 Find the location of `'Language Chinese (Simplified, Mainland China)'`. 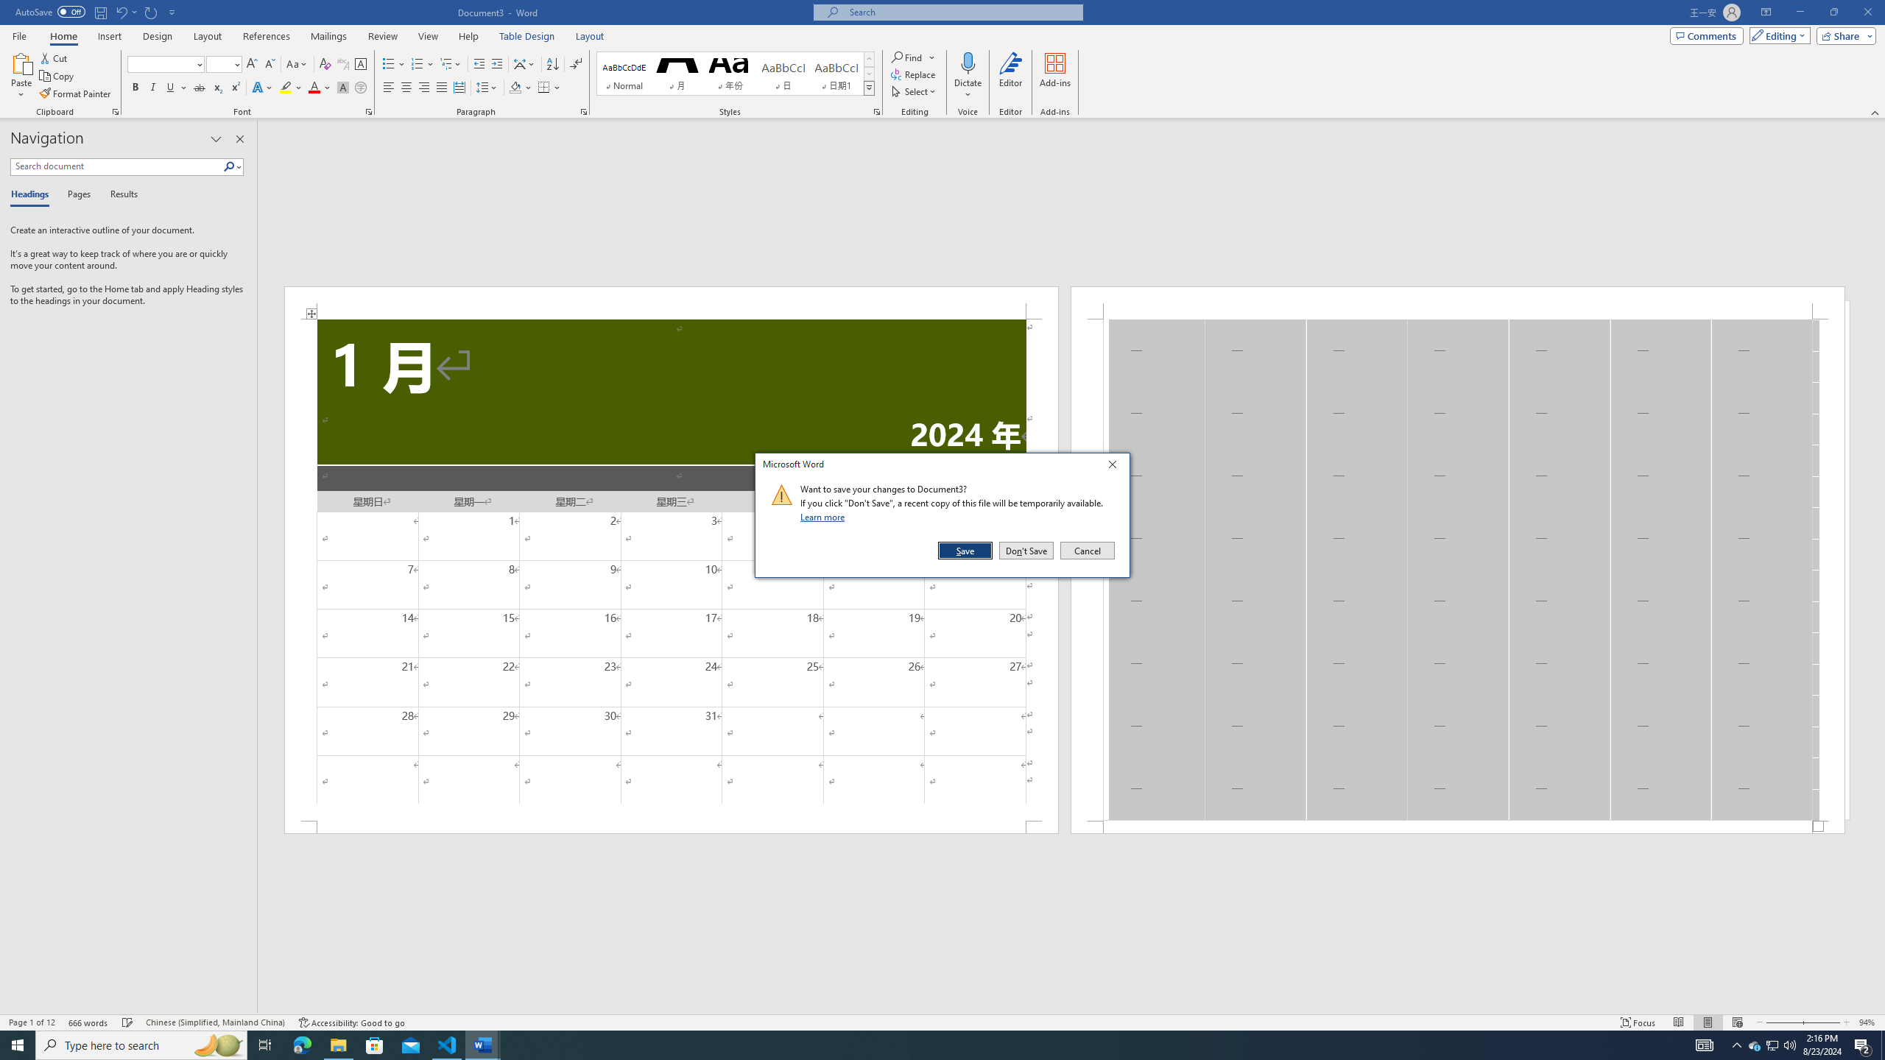

'Language Chinese (Simplified, Mainland China)' is located at coordinates (214, 1022).